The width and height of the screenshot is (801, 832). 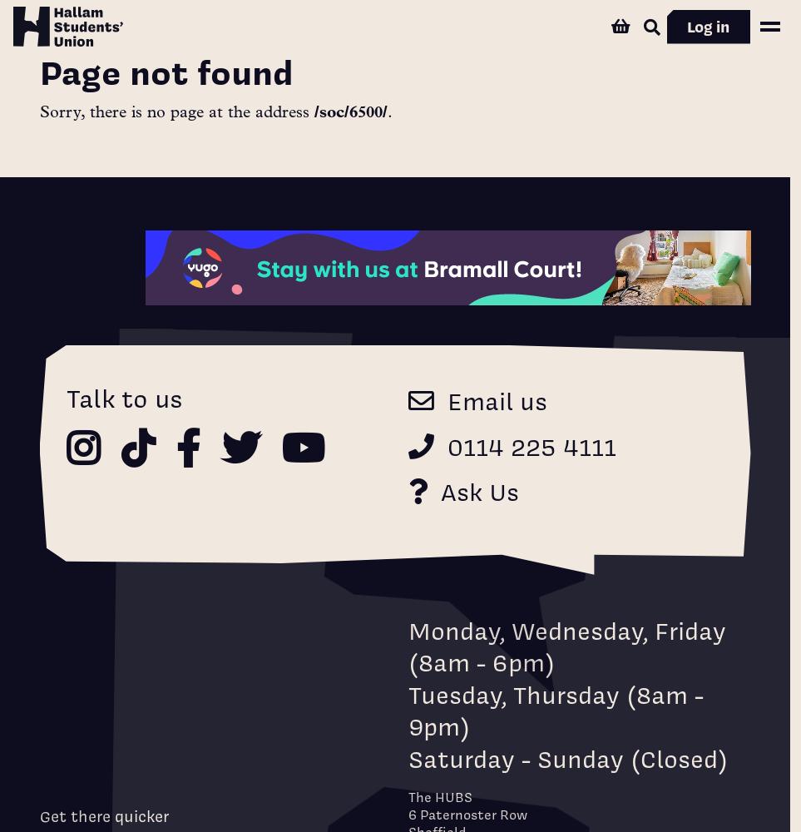 I want to click on 'Talk to us', so click(x=123, y=397).